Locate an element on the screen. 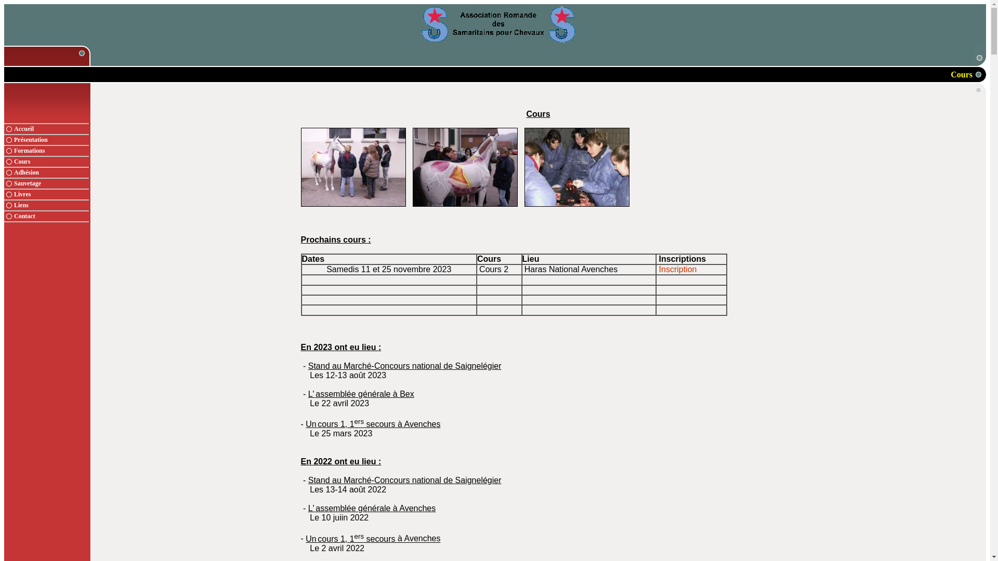 The height and width of the screenshot is (561, 998). 'Contact' is located at coordinates (51, 216).